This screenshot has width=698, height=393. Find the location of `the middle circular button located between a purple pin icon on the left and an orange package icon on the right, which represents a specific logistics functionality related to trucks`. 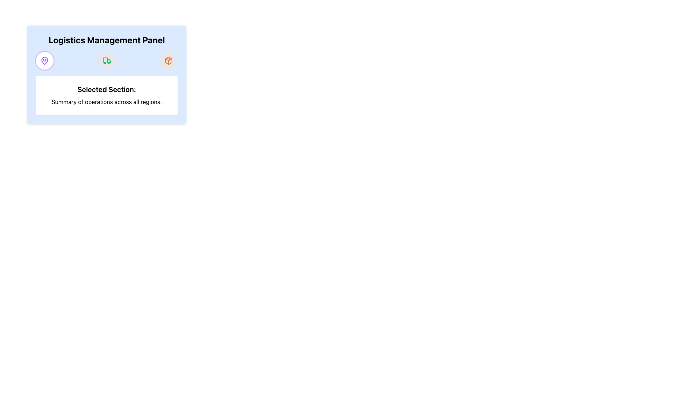

the middle circular button located between a purple pin icon on the left and an orange package icon on the right, which represents a specific logistics functionality related to trucks is located at coordinates (106, 60).